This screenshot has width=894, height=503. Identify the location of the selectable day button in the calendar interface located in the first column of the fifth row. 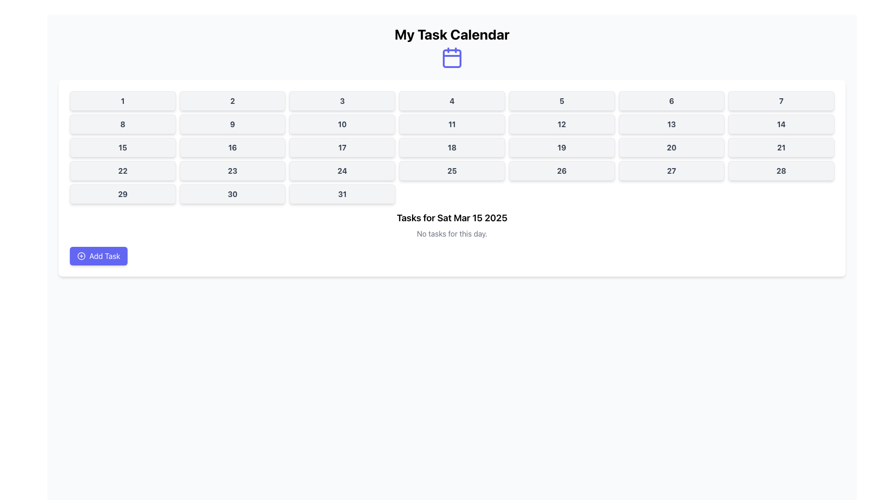
(122, 193).